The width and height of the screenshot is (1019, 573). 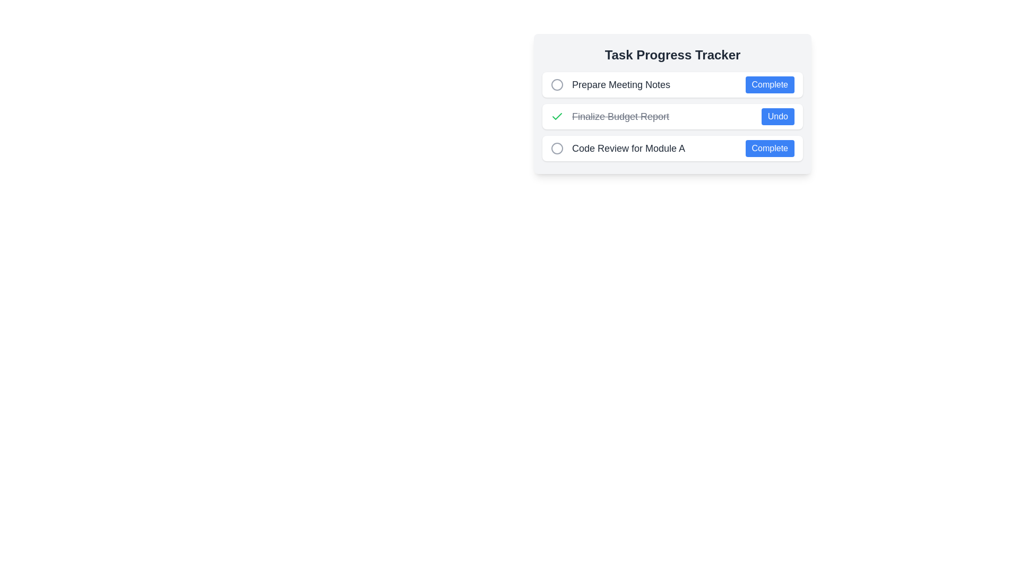 What do you see at coordinates (557, 116) in the screenshot?
I see `the rounded green checkmark icon indicating completed tasks, located before the text label in the 'Finalize Budget Report' row` at bounding box center [557, 116].